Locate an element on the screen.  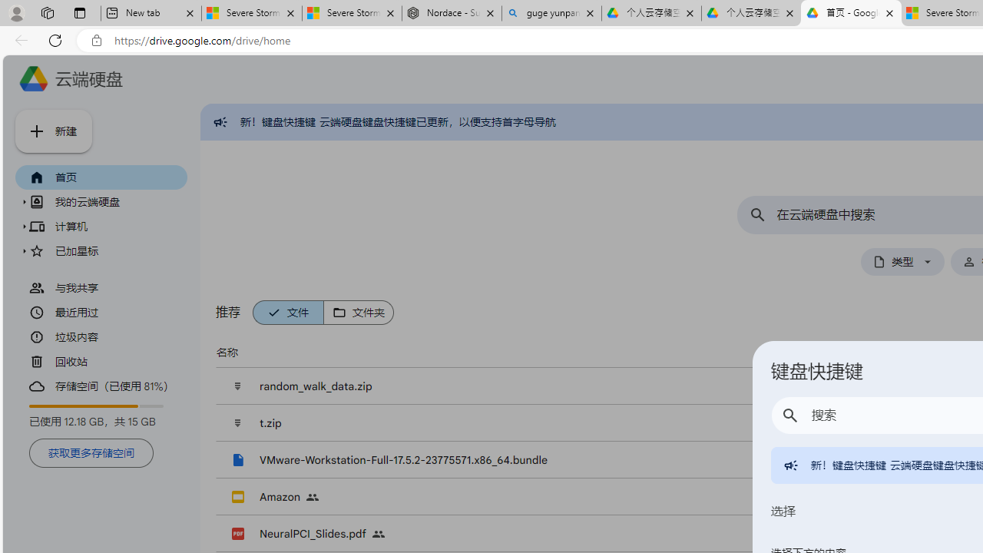
'Nordace - Summer Adventures 2024' is located at coordinates (451, 13).